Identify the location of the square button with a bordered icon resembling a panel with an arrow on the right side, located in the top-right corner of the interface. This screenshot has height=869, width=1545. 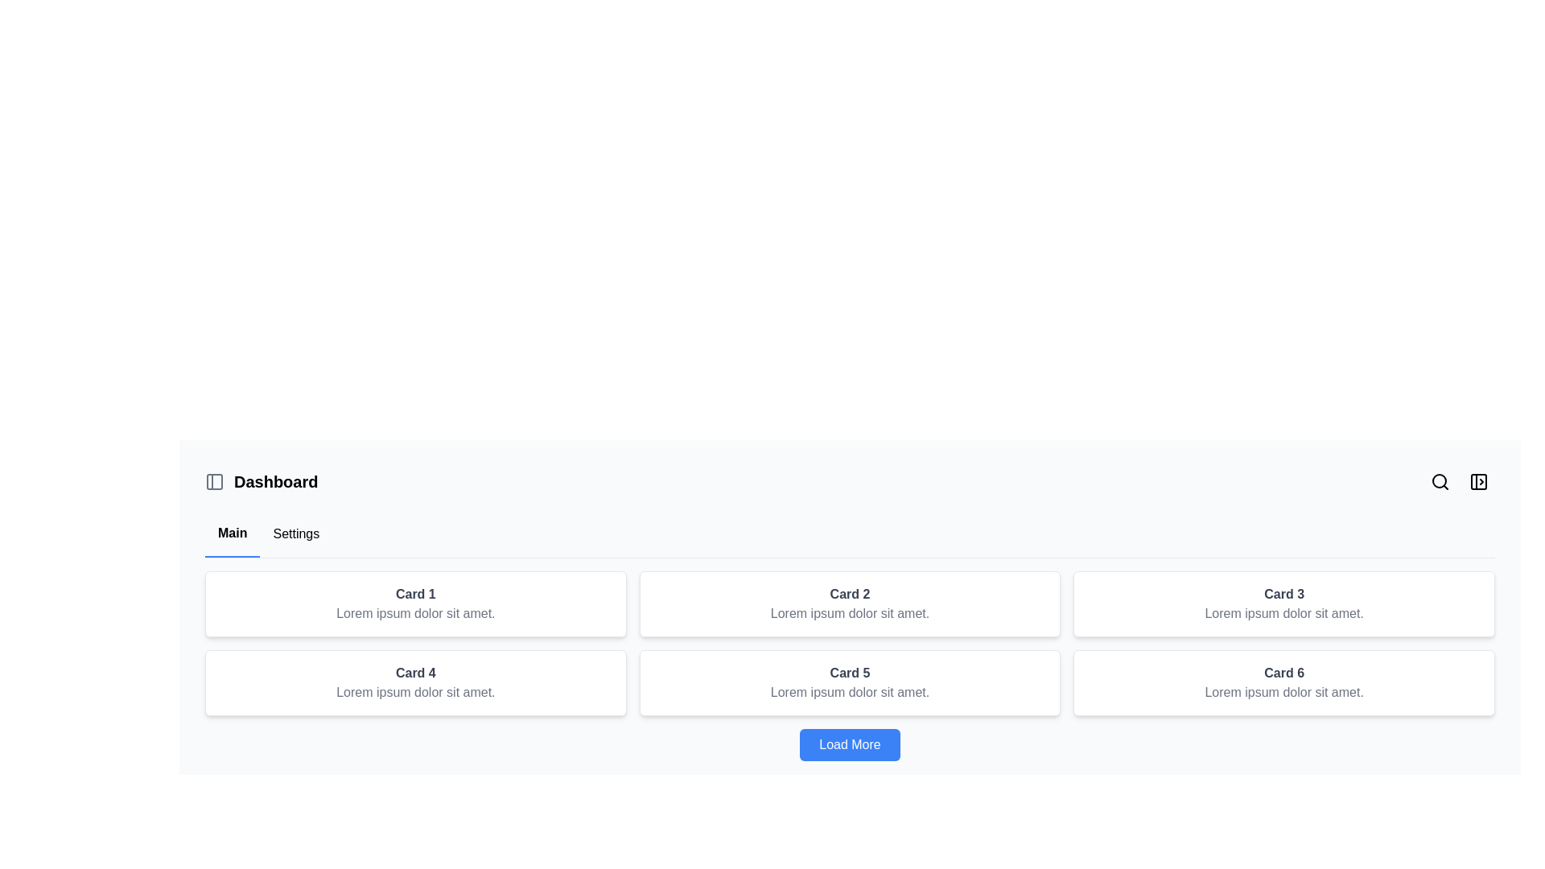
(1479, 480).